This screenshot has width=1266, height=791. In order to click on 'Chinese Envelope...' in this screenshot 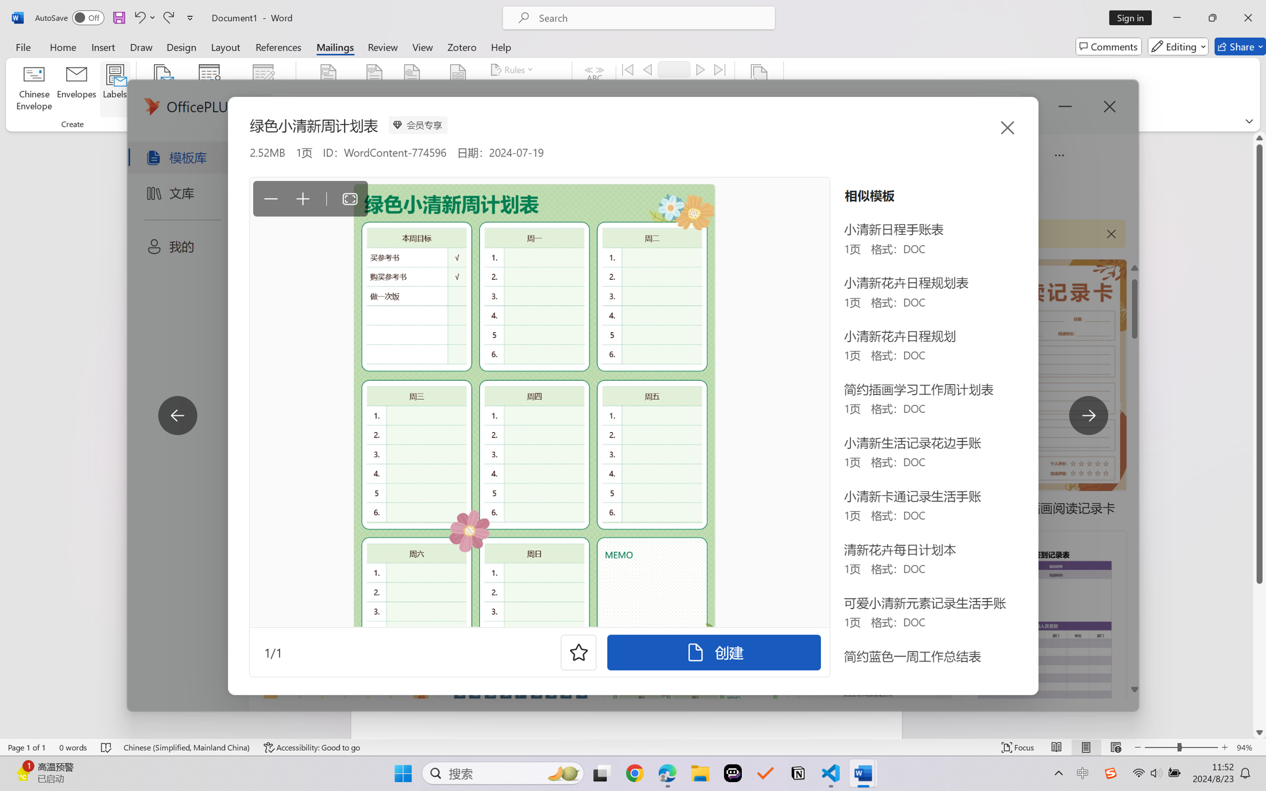, I will do `click(34, 89)`.